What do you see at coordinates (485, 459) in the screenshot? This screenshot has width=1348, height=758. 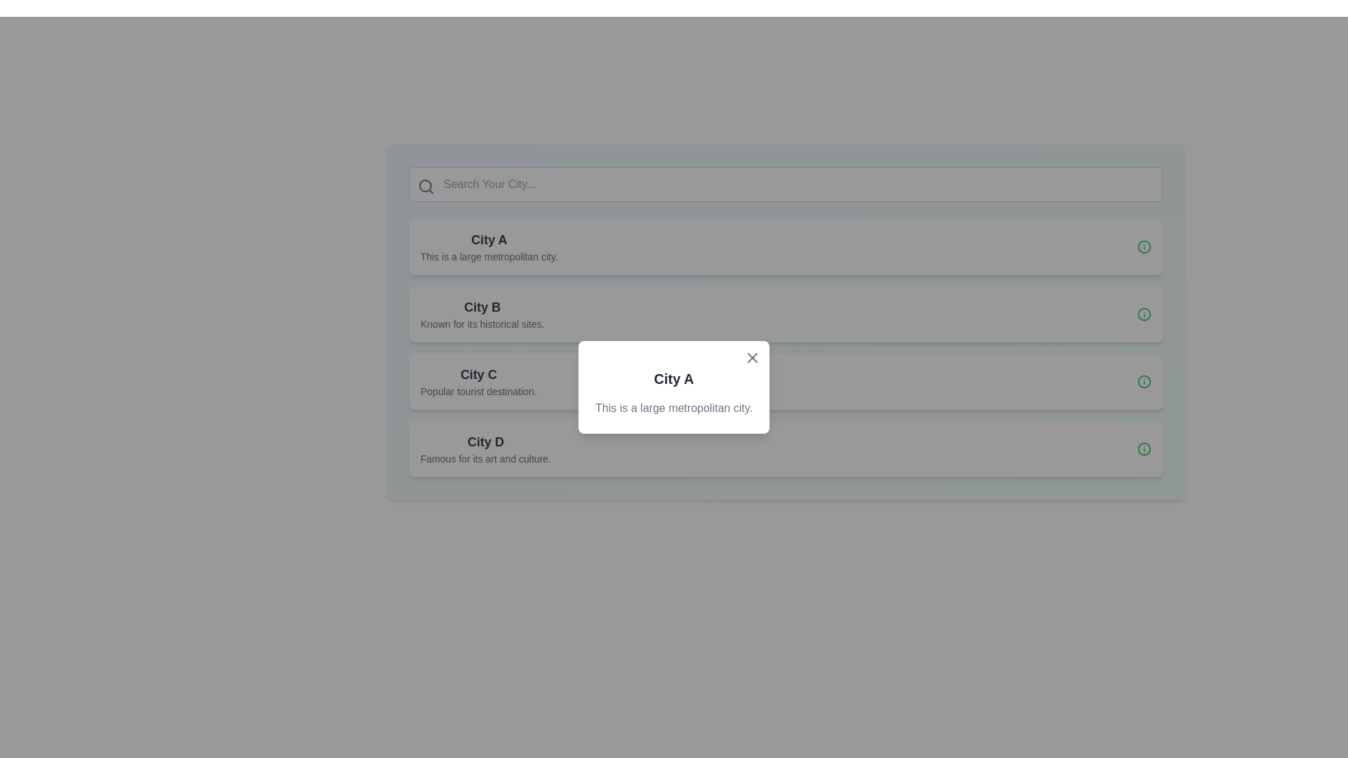 I see `the static text label providing additional information about 'City D', which is located directly beneath the 'City D' heading` at bounding box center [485, 459].